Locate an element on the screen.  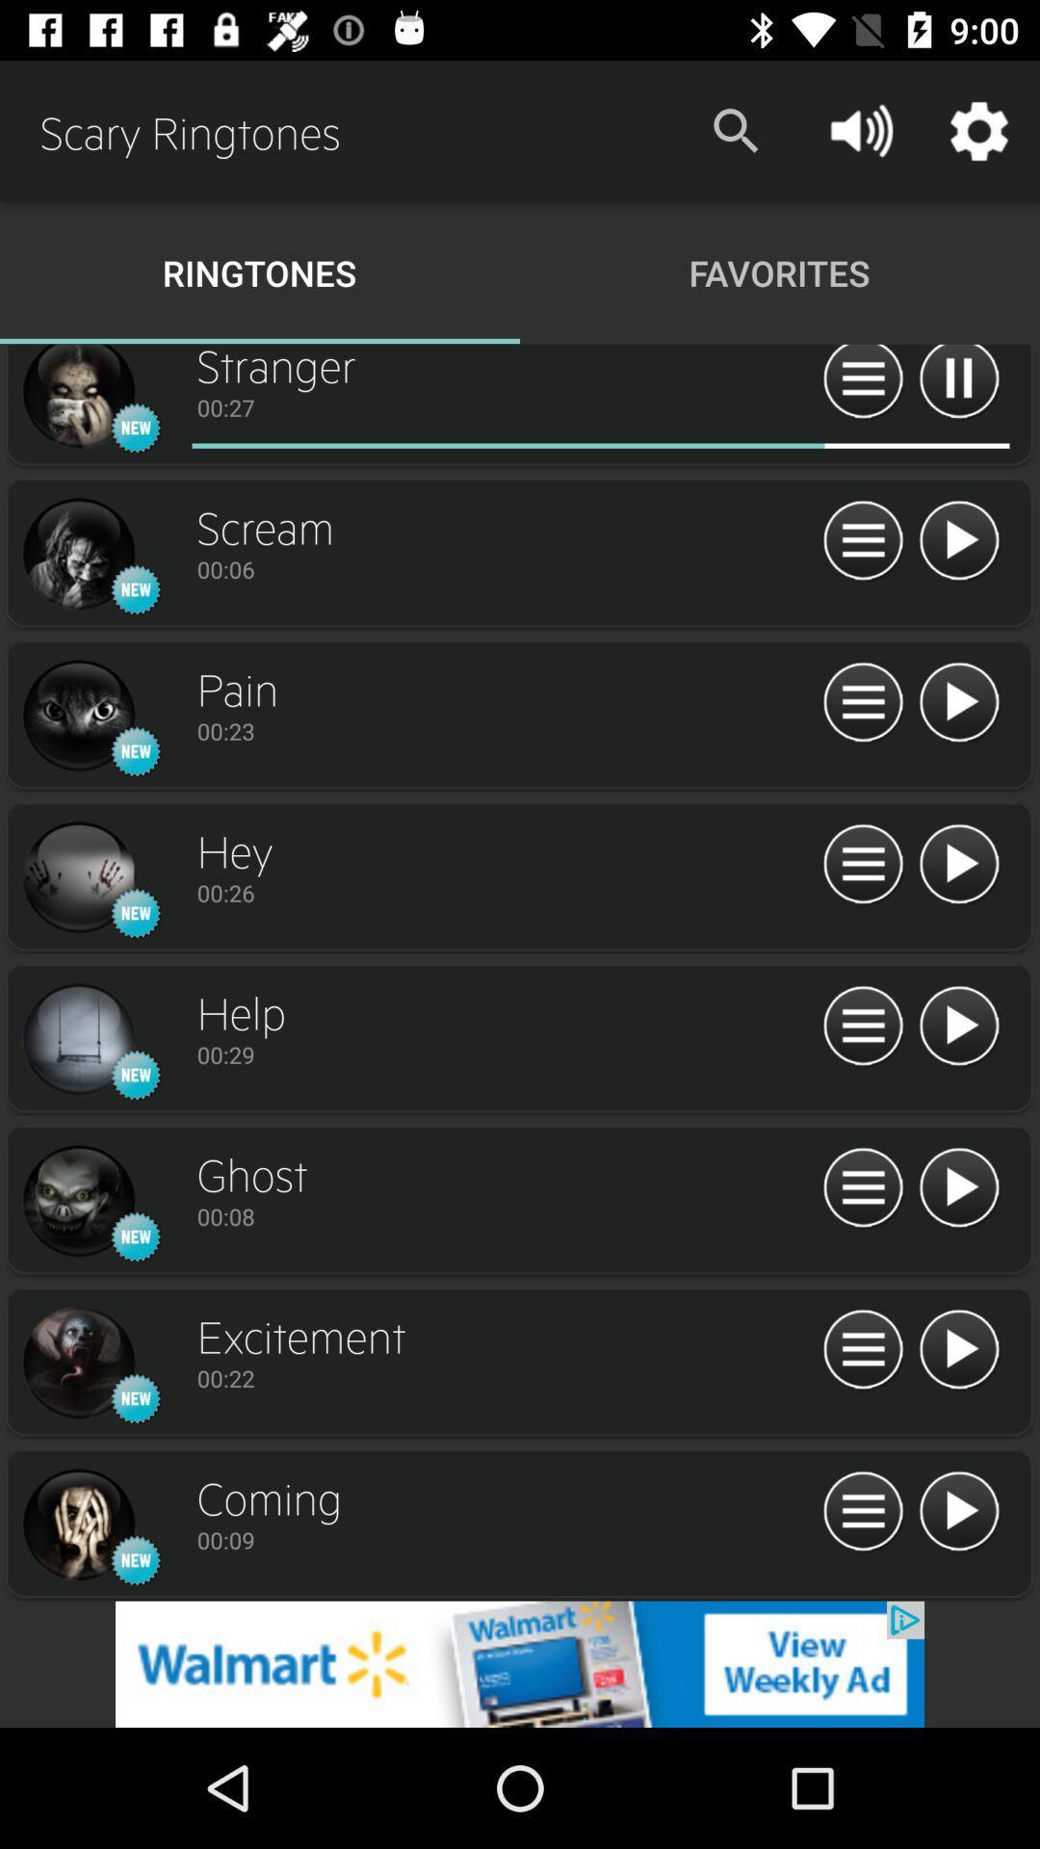
profile is located at coordinates (77, 398).